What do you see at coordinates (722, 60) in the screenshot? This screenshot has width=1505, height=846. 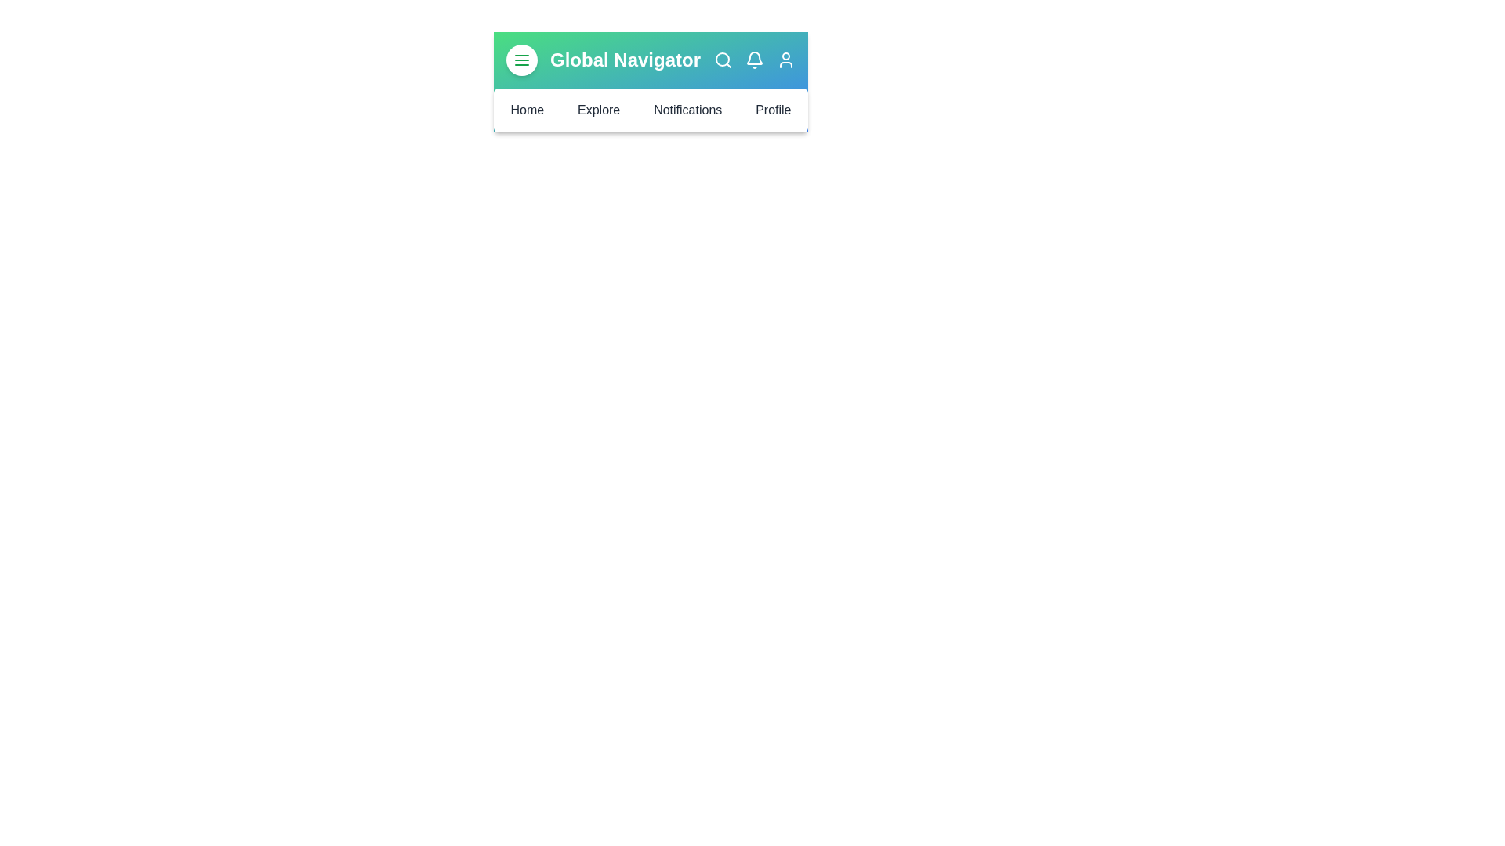 I see `the search icon to initiate a search` at bounding box center [722, 60].